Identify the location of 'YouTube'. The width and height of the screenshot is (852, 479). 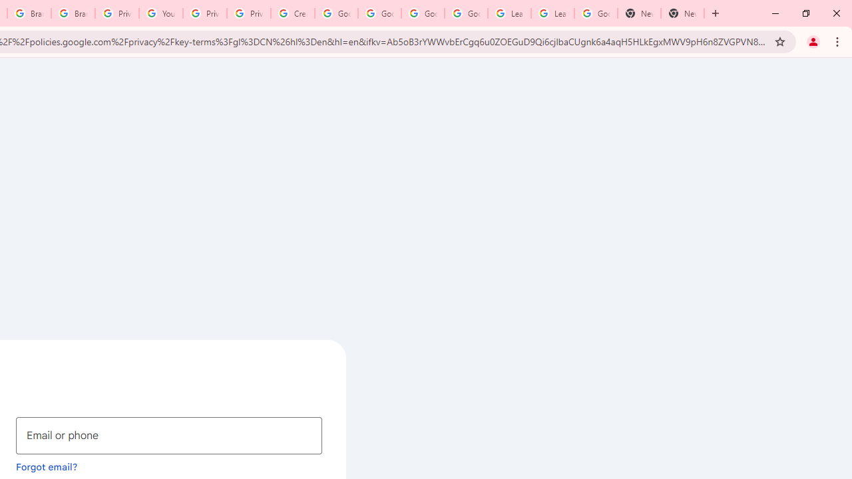
(160, 13).